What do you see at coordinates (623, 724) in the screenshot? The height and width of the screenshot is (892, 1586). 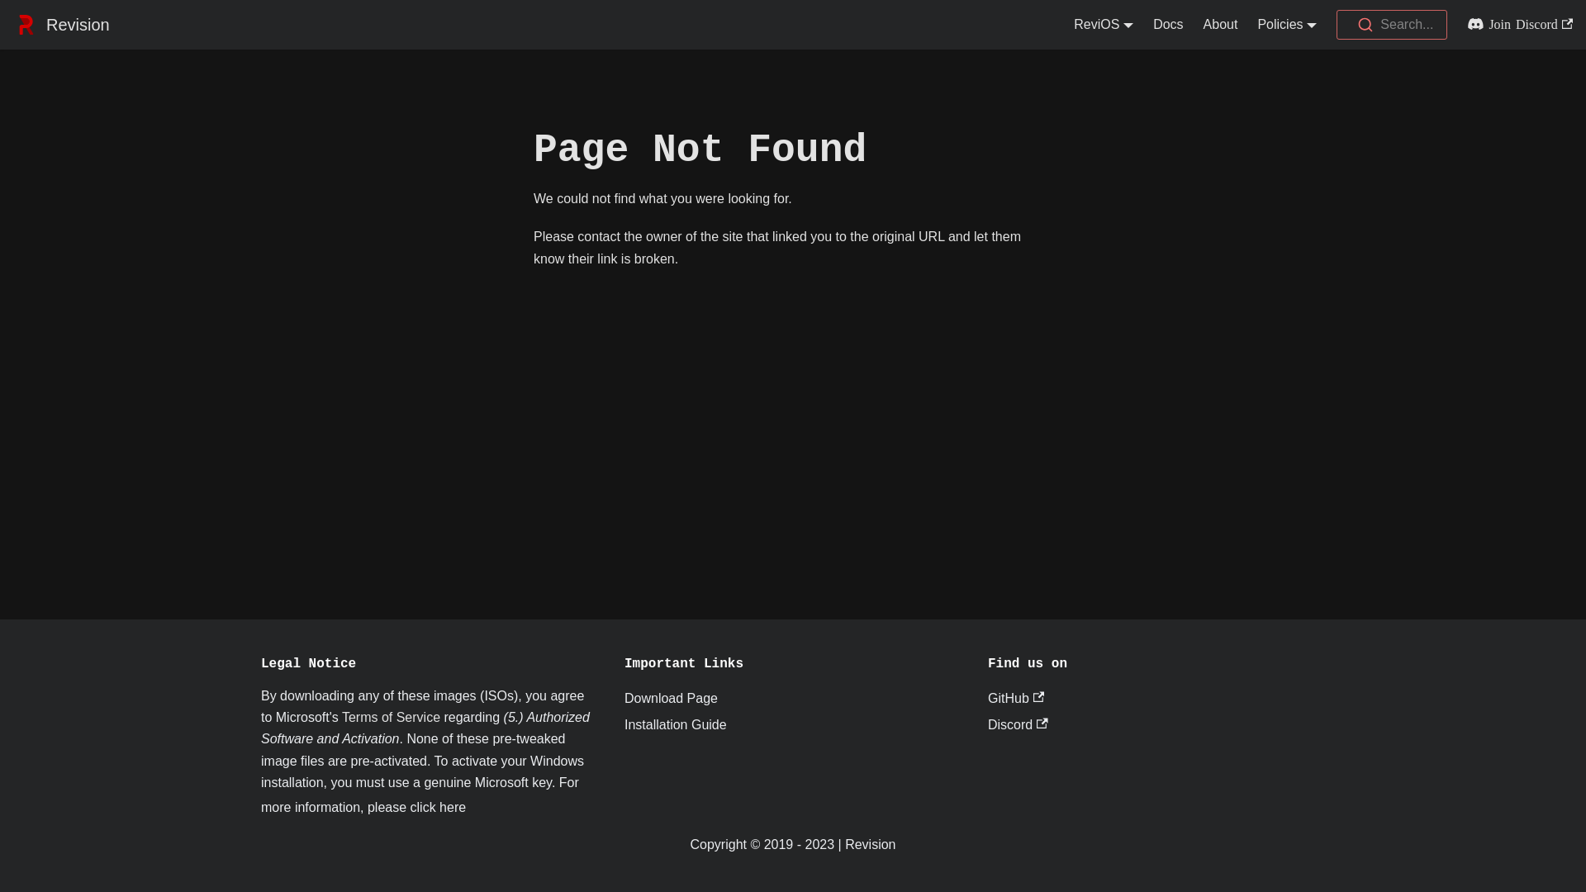 I see `'Installation Guide'` at bounding box center [623, 724].